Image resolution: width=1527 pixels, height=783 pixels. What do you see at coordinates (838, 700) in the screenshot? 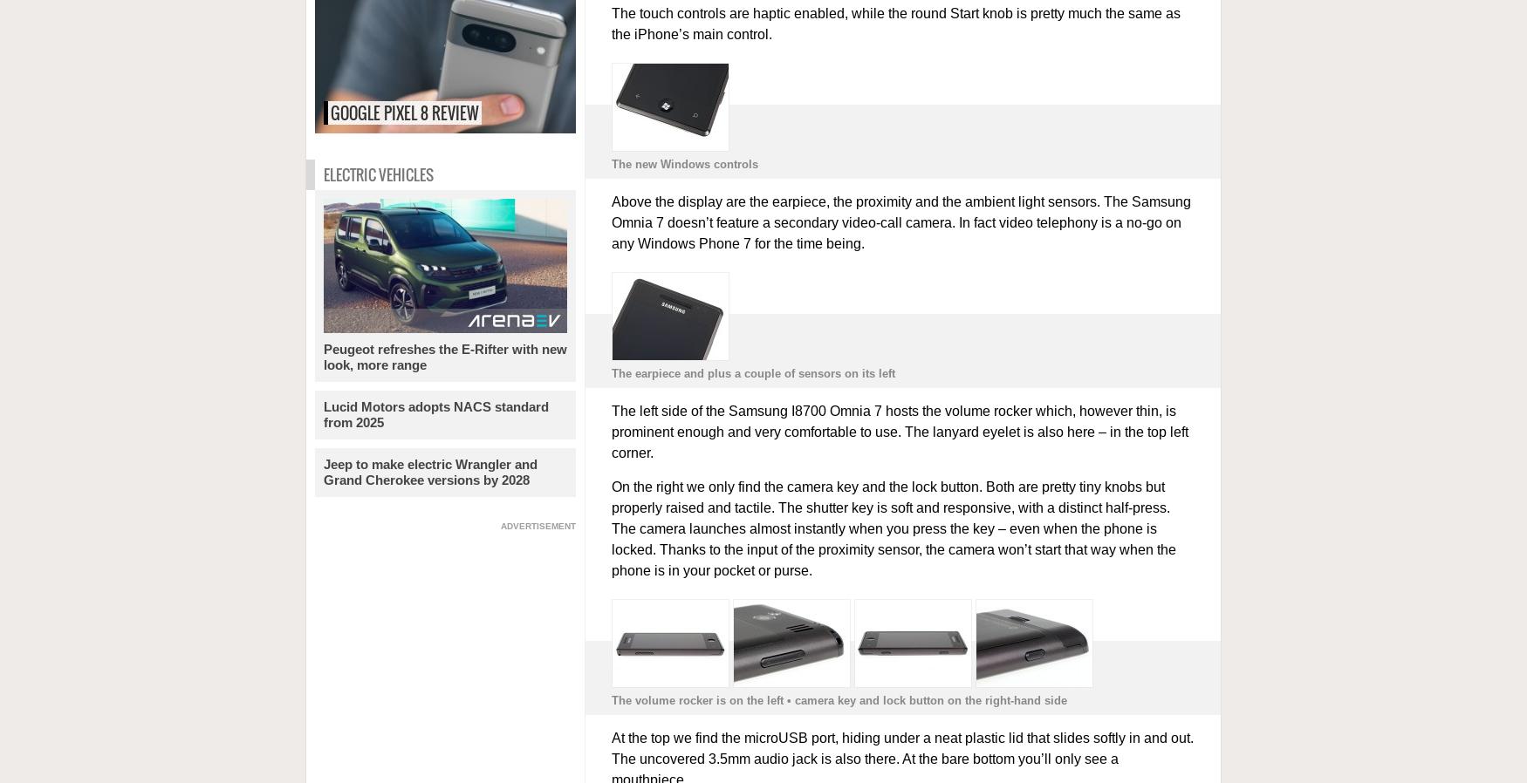
I see `'The volume rocker is on the left • camera key and lock button on the right-hand side'` at bounding box center [838, 700].